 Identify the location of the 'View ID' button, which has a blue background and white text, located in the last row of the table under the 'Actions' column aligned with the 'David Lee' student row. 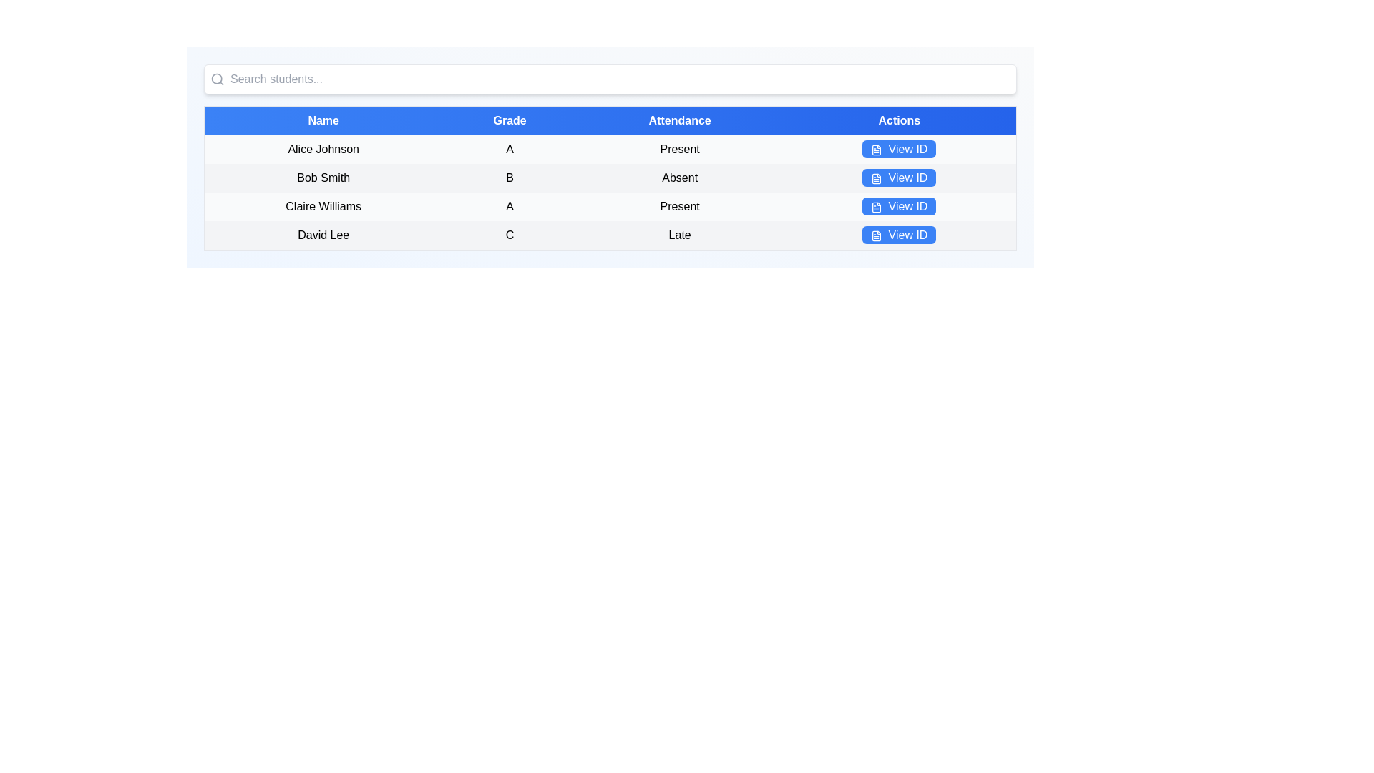
(899, 235).